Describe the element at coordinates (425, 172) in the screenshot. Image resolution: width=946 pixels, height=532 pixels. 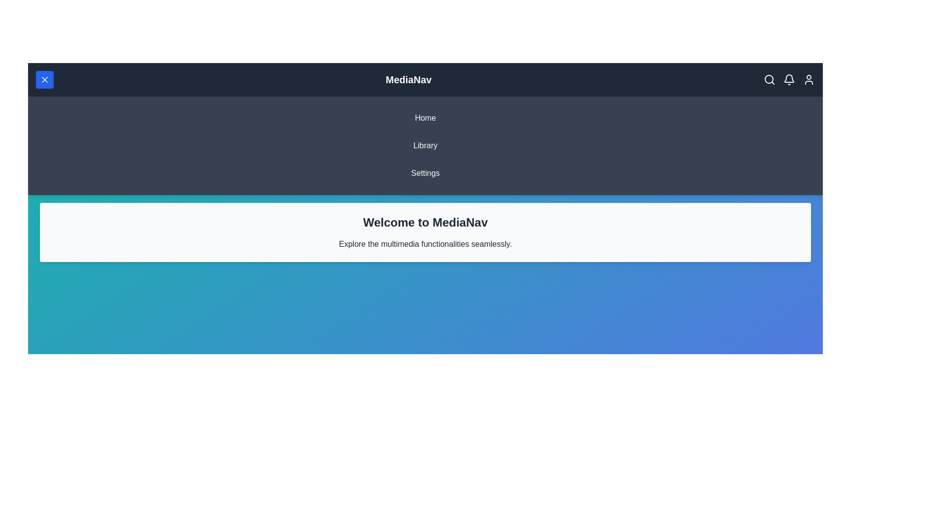
I see `the 'Settings' option in the sidebar menu` at that location.